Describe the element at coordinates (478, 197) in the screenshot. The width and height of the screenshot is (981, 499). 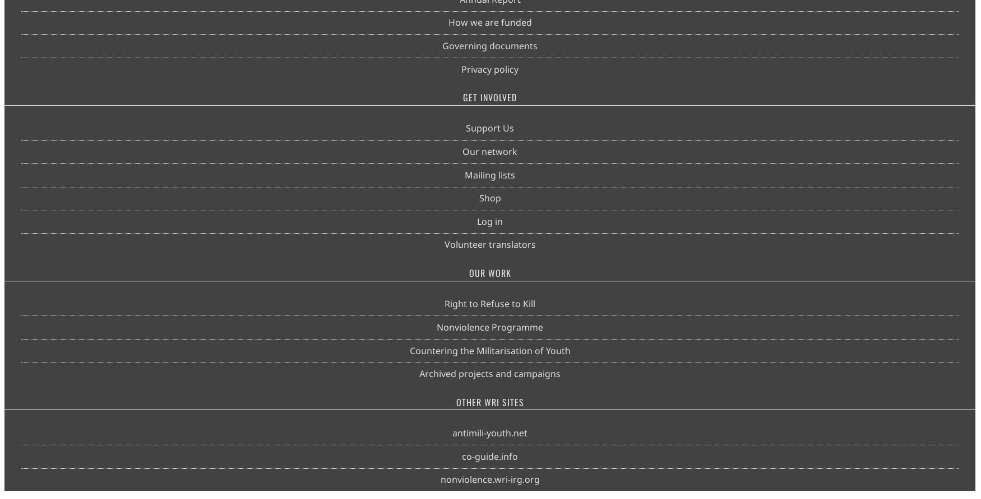
I see `'Shop'` at that location.